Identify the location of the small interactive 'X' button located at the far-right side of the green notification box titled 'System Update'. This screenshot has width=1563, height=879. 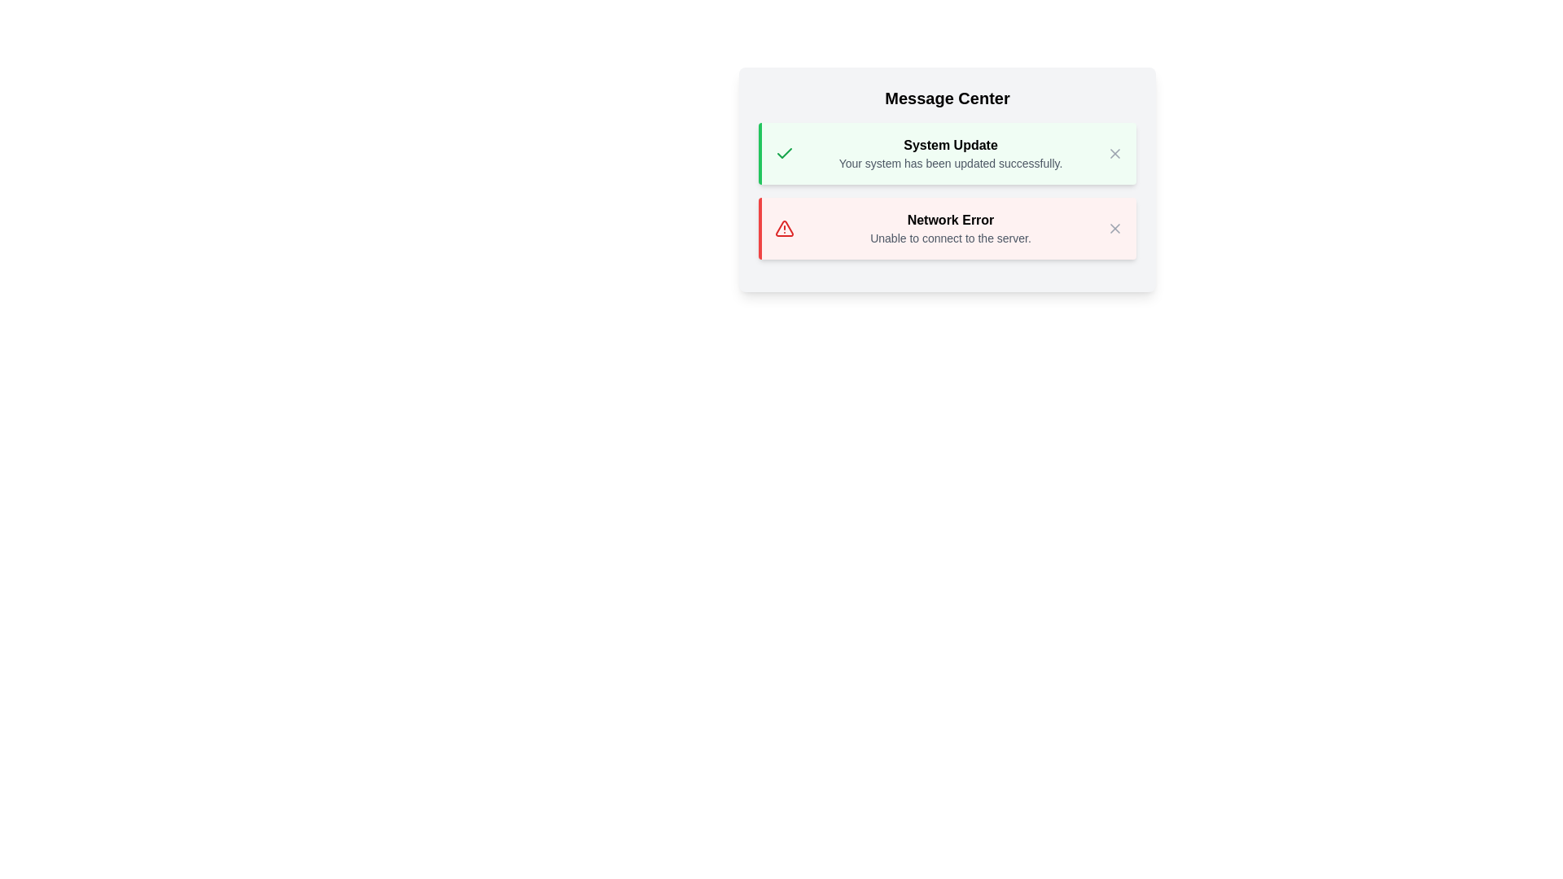
(1114, 154).